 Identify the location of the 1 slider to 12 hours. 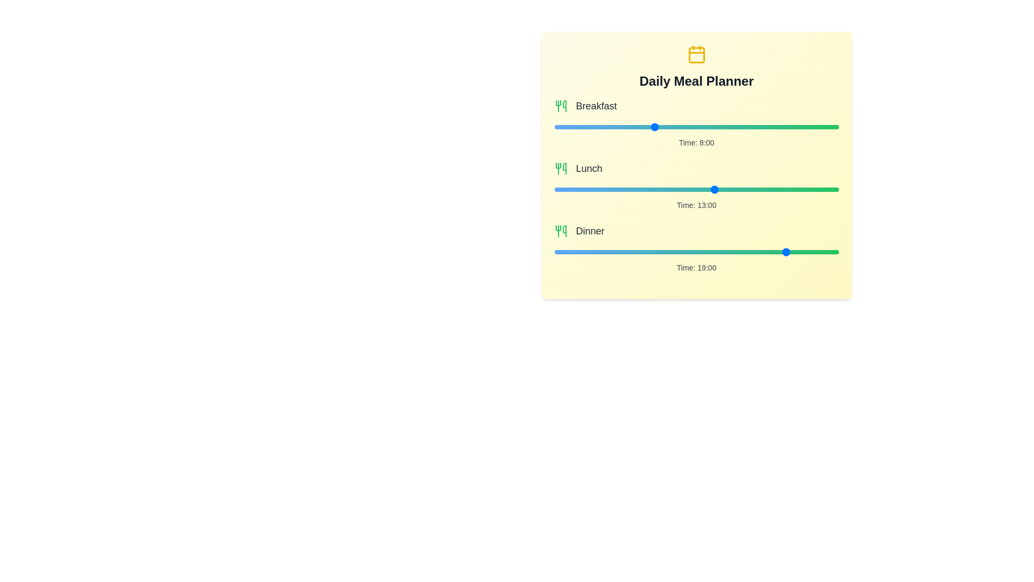
(844, 189).